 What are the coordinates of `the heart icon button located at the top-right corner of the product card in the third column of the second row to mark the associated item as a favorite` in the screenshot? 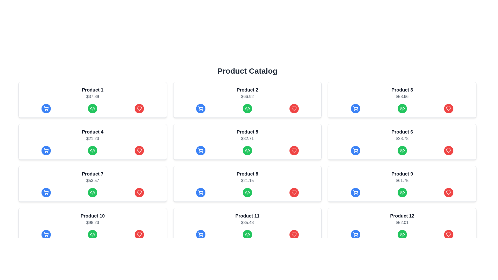 It's located at (448, 151).